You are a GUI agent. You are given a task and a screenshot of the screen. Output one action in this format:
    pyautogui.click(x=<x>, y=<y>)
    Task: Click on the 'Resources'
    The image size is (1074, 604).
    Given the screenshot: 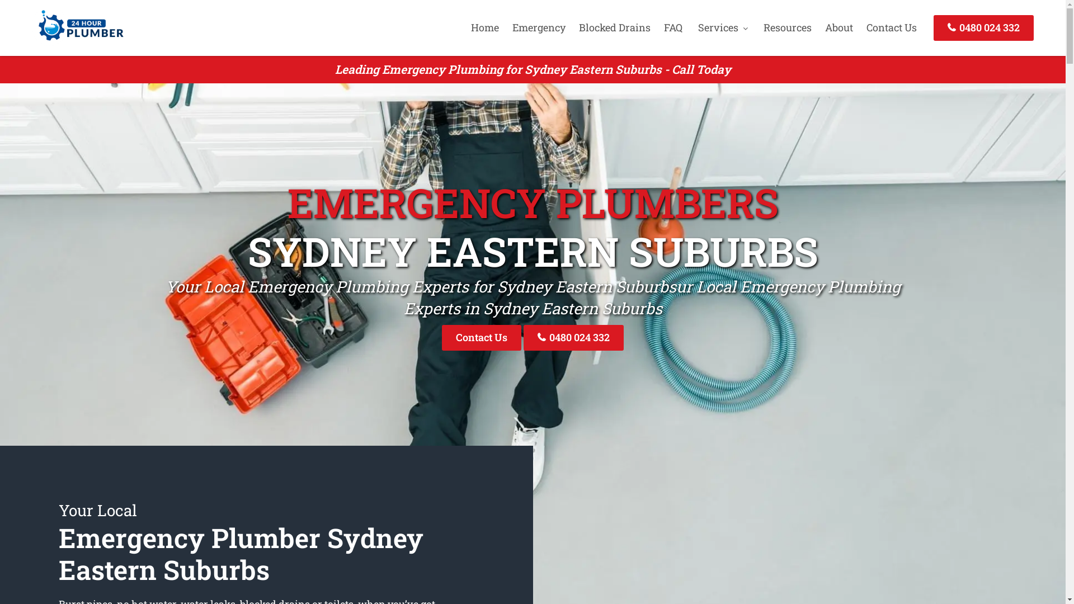 What is the action you would take?
    pyautogui.click(x=786, y=27)
    